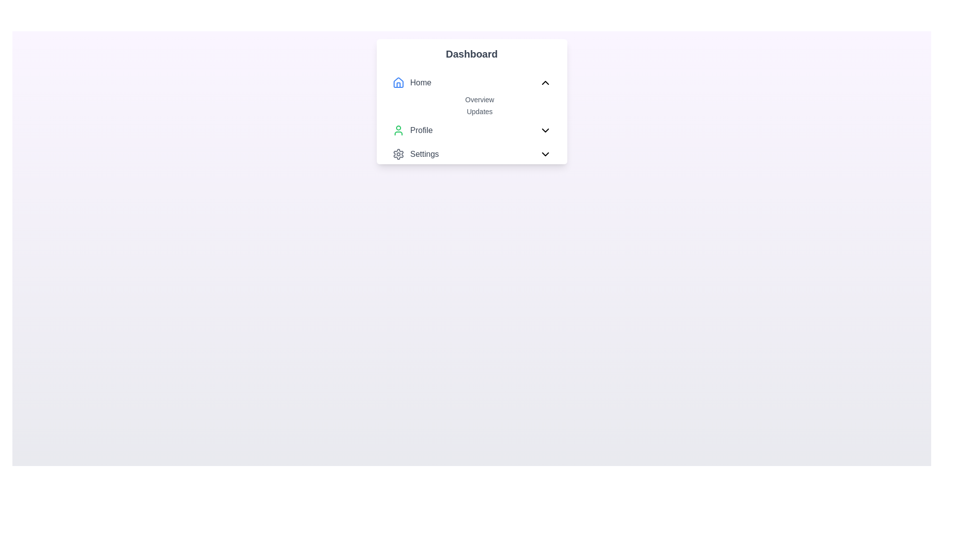 This screenshot has height=536, width=953. Describe the element at coordinates (471, 154) in the screenshot. I see `the 'Settings' button located under the 'Profile' section` at that location.